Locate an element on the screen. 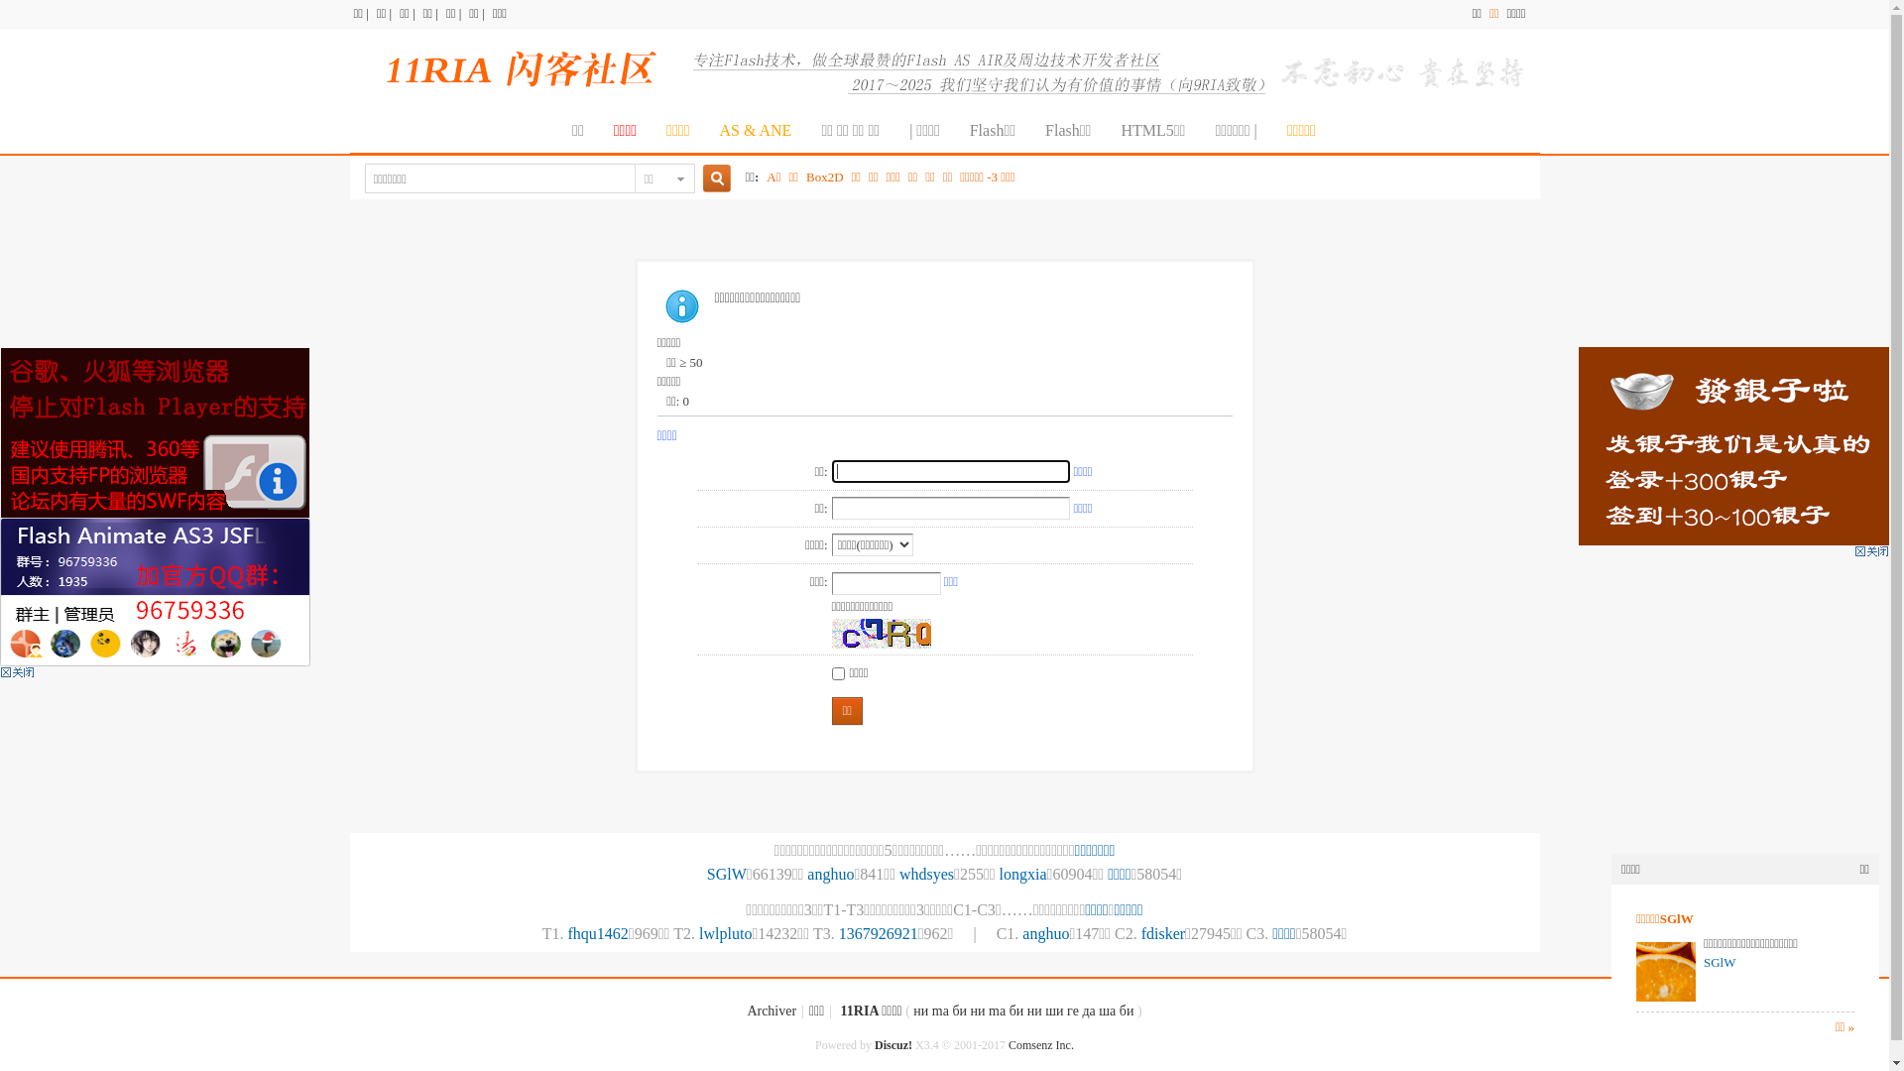  'whdsyes' is located at coordinates (898, 873).